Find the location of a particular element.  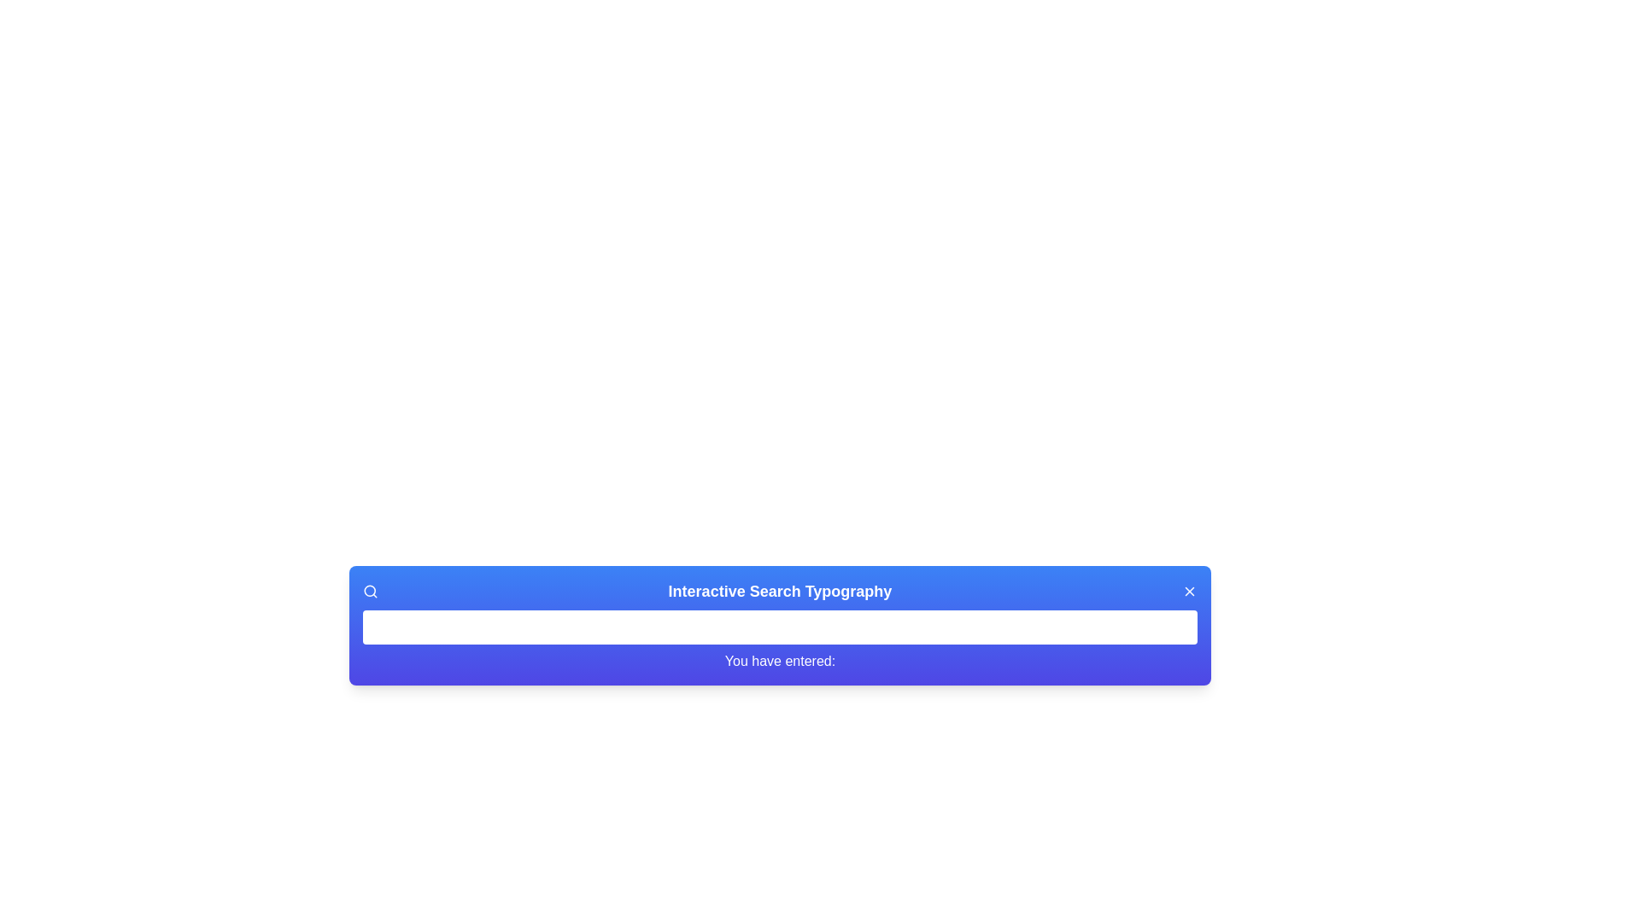

the text label that identifies the context or purpose of the interface, which is horizontally centered and positioned near the top of the bar-like section is located at coordinates (779, 591).